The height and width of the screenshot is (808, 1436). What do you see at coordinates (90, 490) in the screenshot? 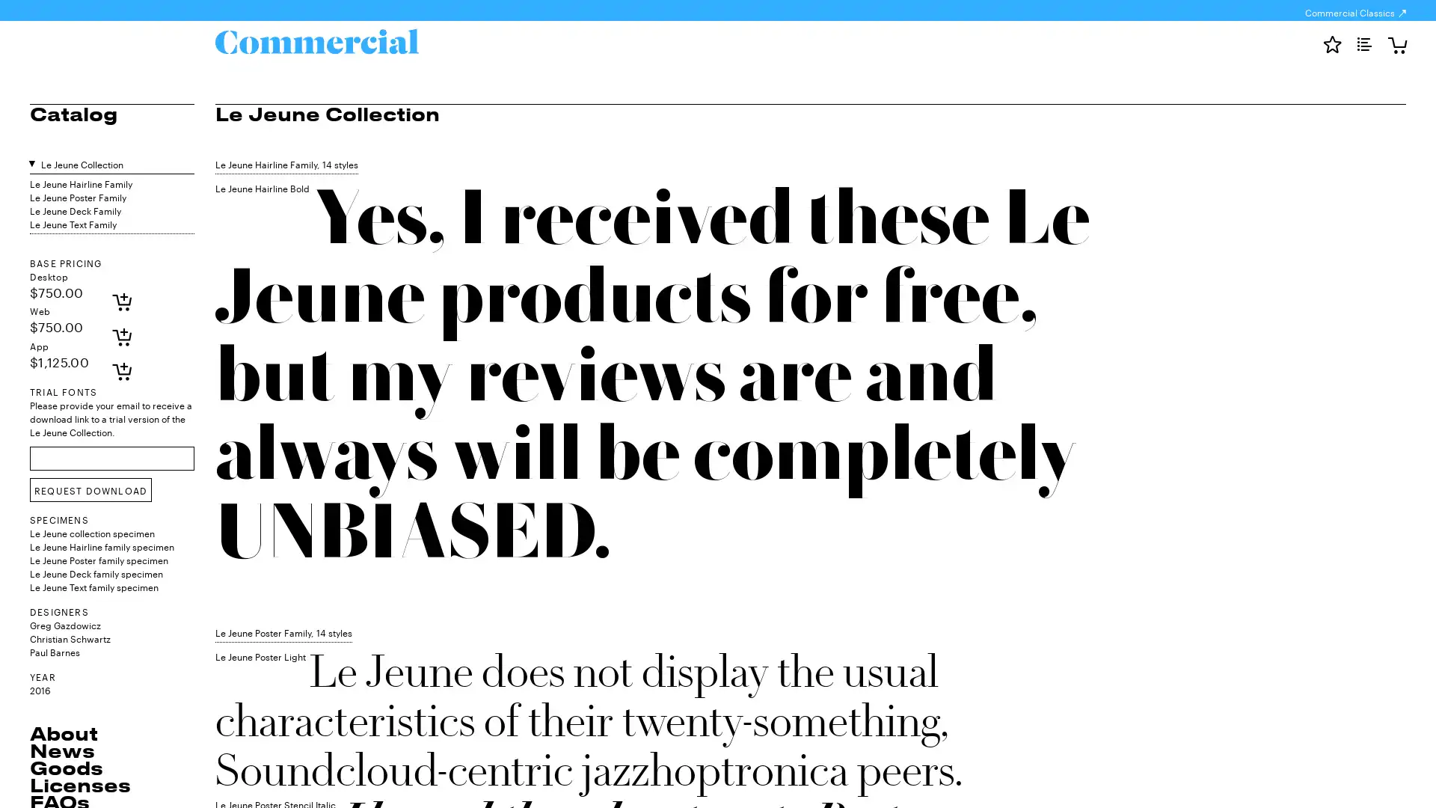
I see `REQUEST DOWNLOAD` at bounding box center [90, 490].